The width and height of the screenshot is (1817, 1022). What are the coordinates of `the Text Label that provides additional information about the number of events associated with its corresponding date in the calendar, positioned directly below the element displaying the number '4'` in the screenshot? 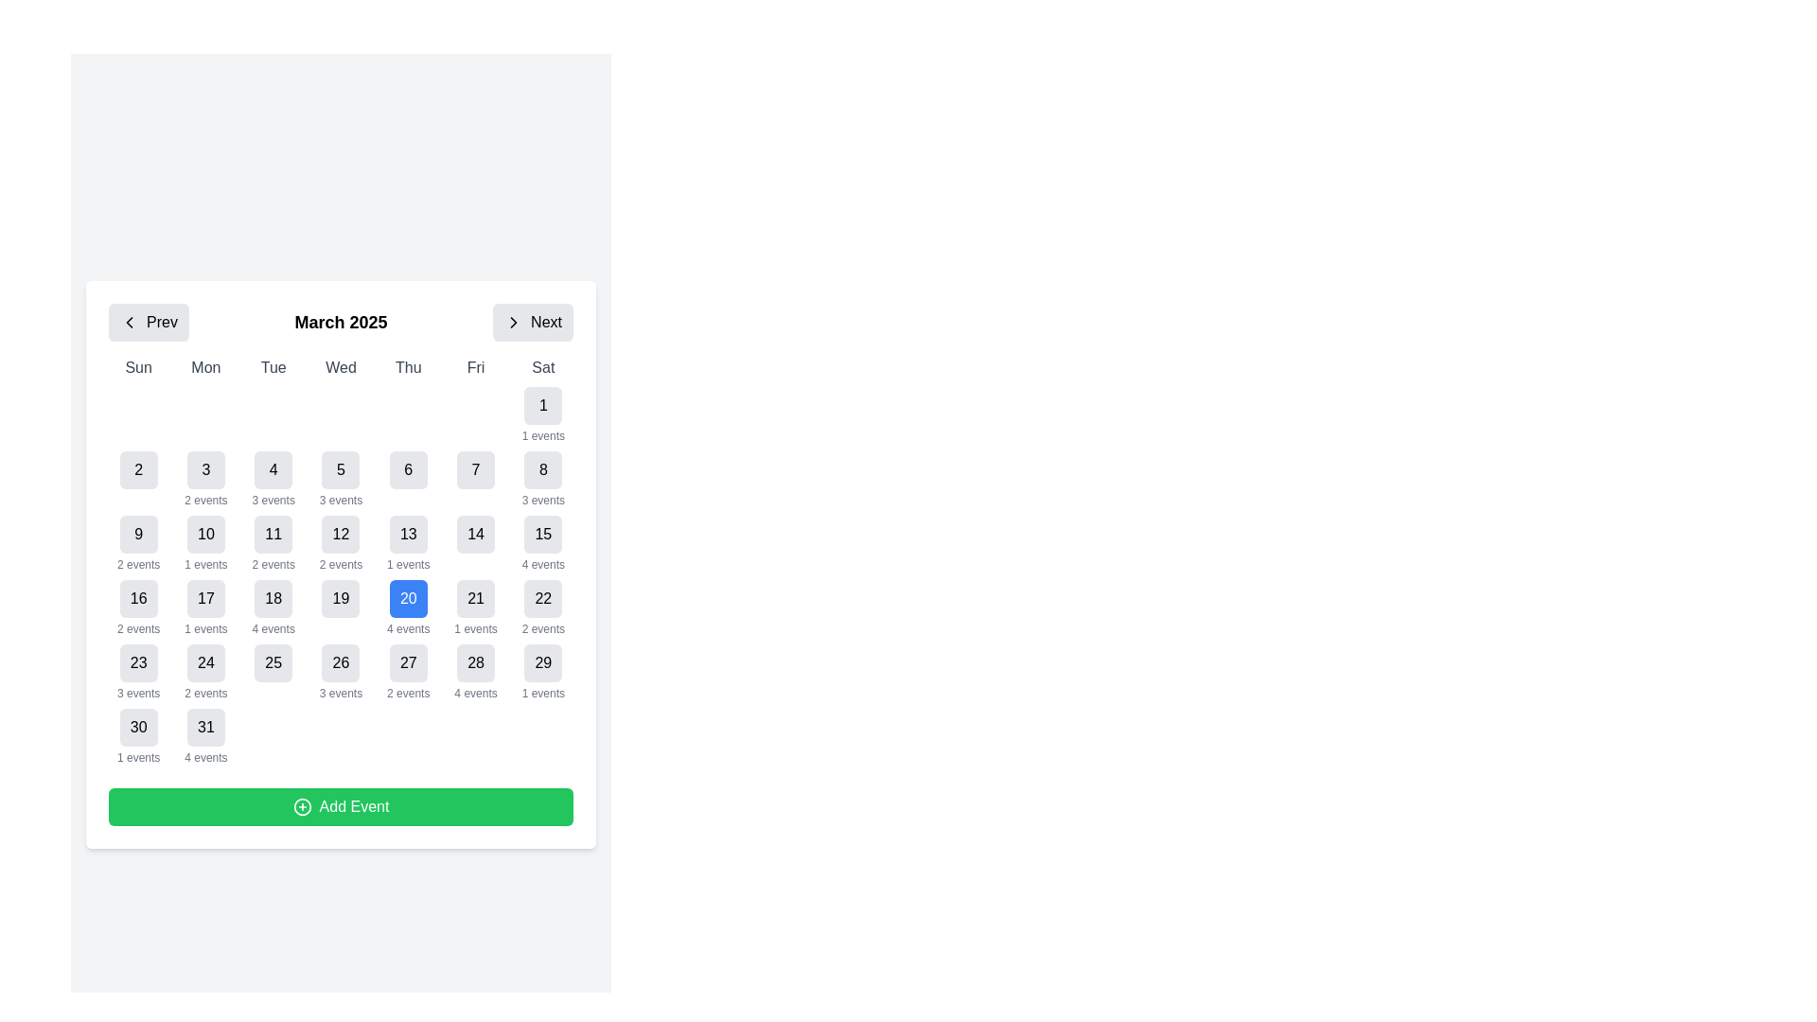 It's located at (273, 499).